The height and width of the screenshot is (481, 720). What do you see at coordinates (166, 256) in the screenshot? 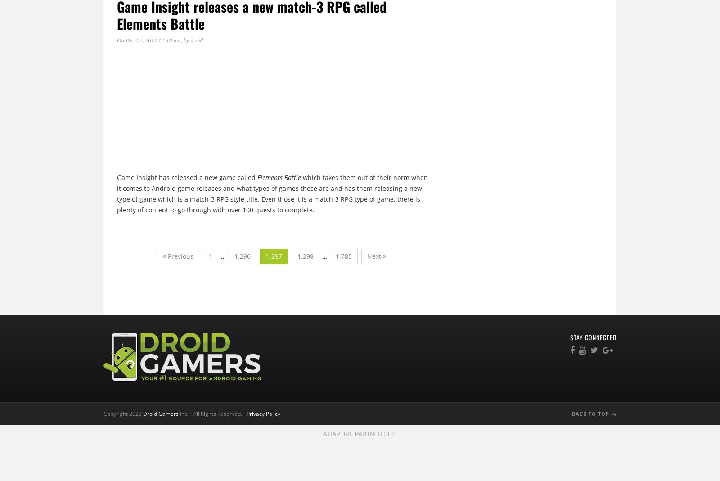
I see `'Previous'` at bounding box center [166, 256].